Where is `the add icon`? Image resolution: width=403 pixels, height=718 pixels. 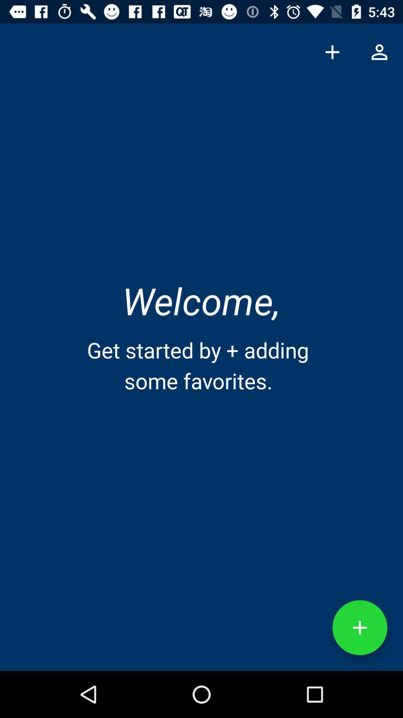
the add icon is located at coordinates (359, 628).